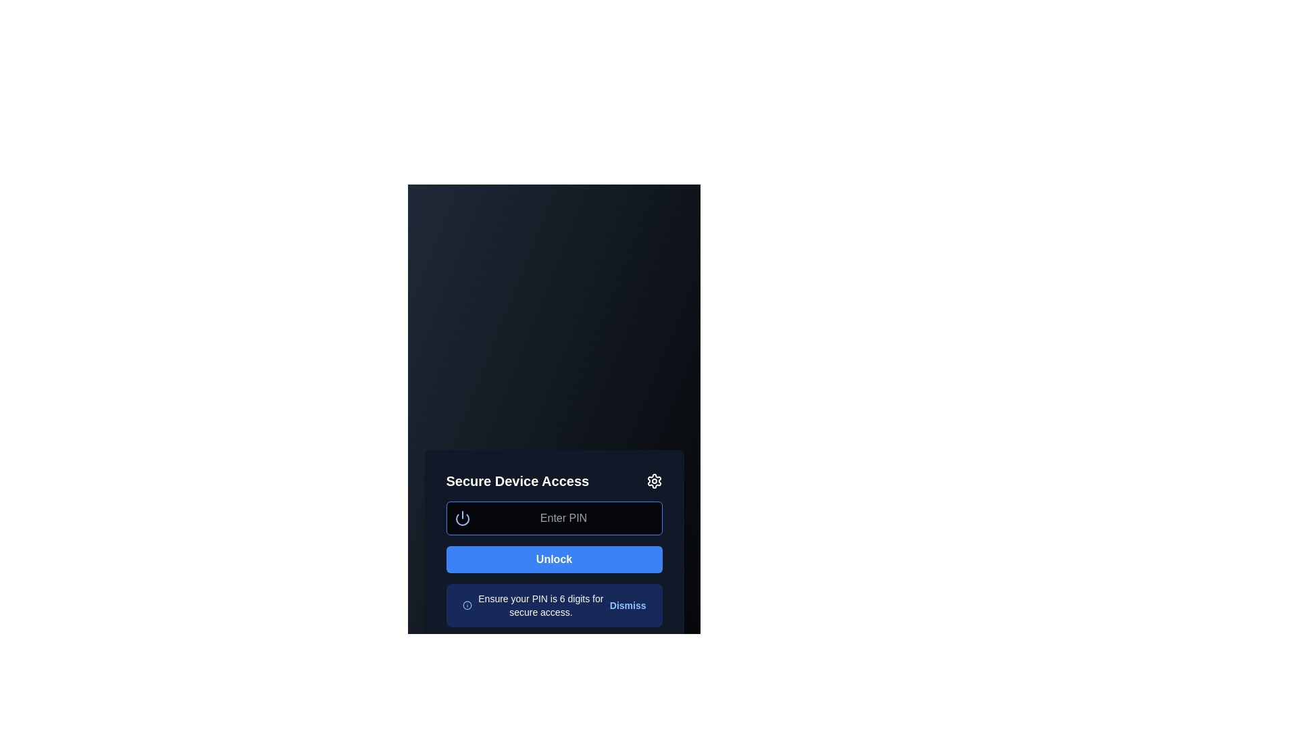 The width and height of the screenshot is (1297, 730). I want to click on the information indicator icon located on the left side of the notification bar that contains the message 'Ensure your PIN is 6 digits for secure access.', so click(467, 604).